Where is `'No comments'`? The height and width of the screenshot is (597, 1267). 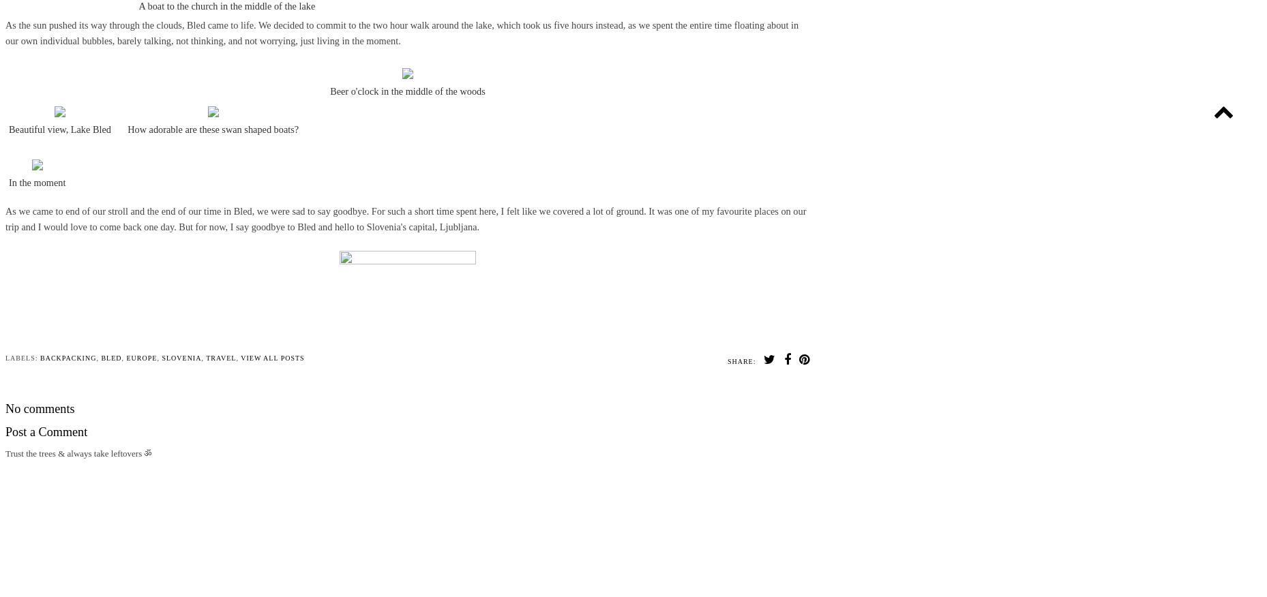 'No comments' is located at coordinates (39, 408).